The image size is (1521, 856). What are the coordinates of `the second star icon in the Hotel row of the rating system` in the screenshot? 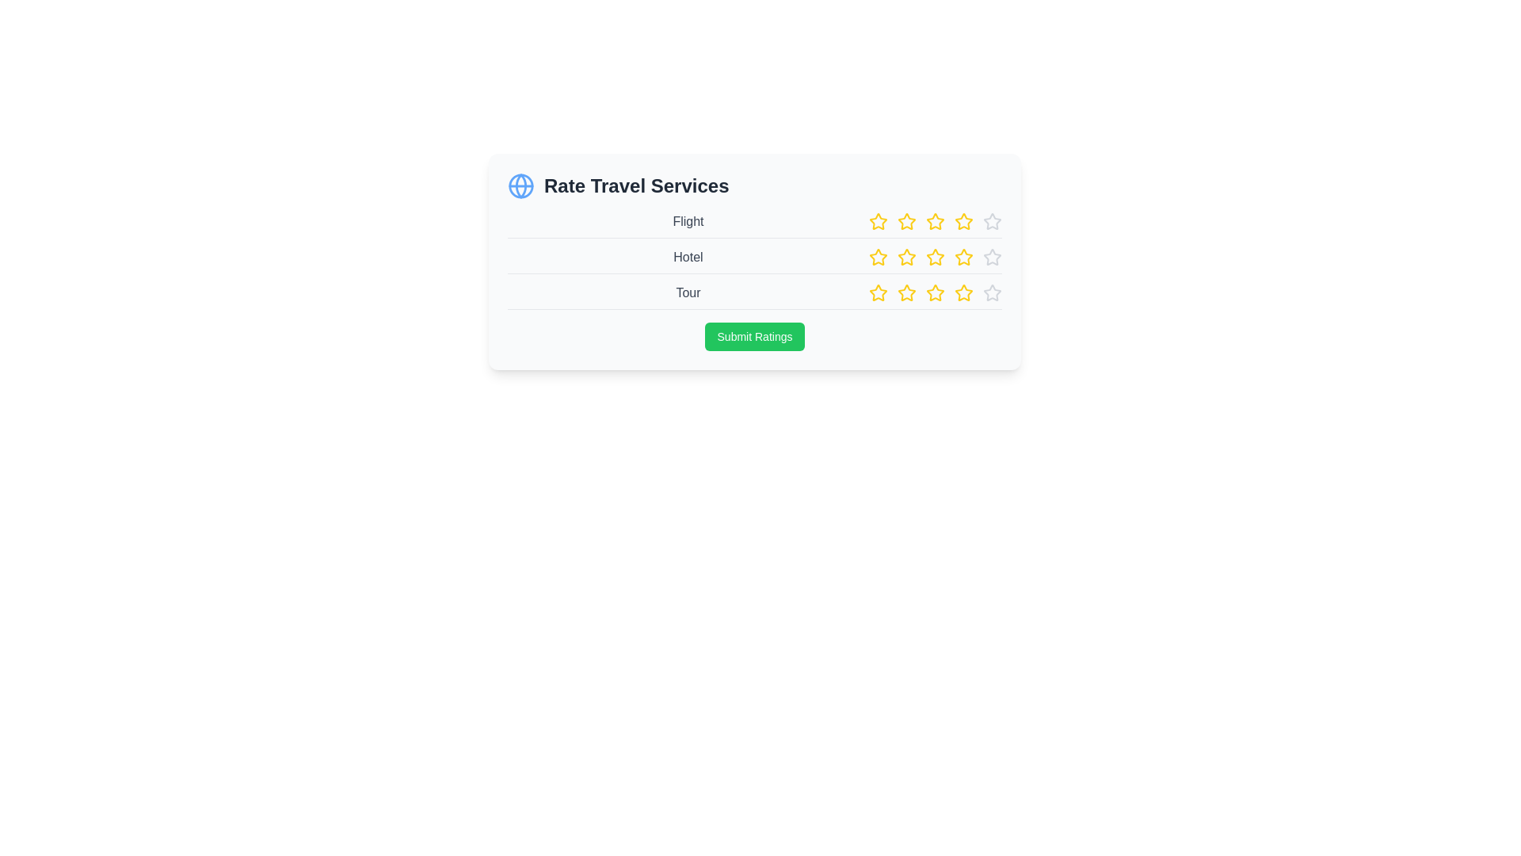 It's located at (907, 256).